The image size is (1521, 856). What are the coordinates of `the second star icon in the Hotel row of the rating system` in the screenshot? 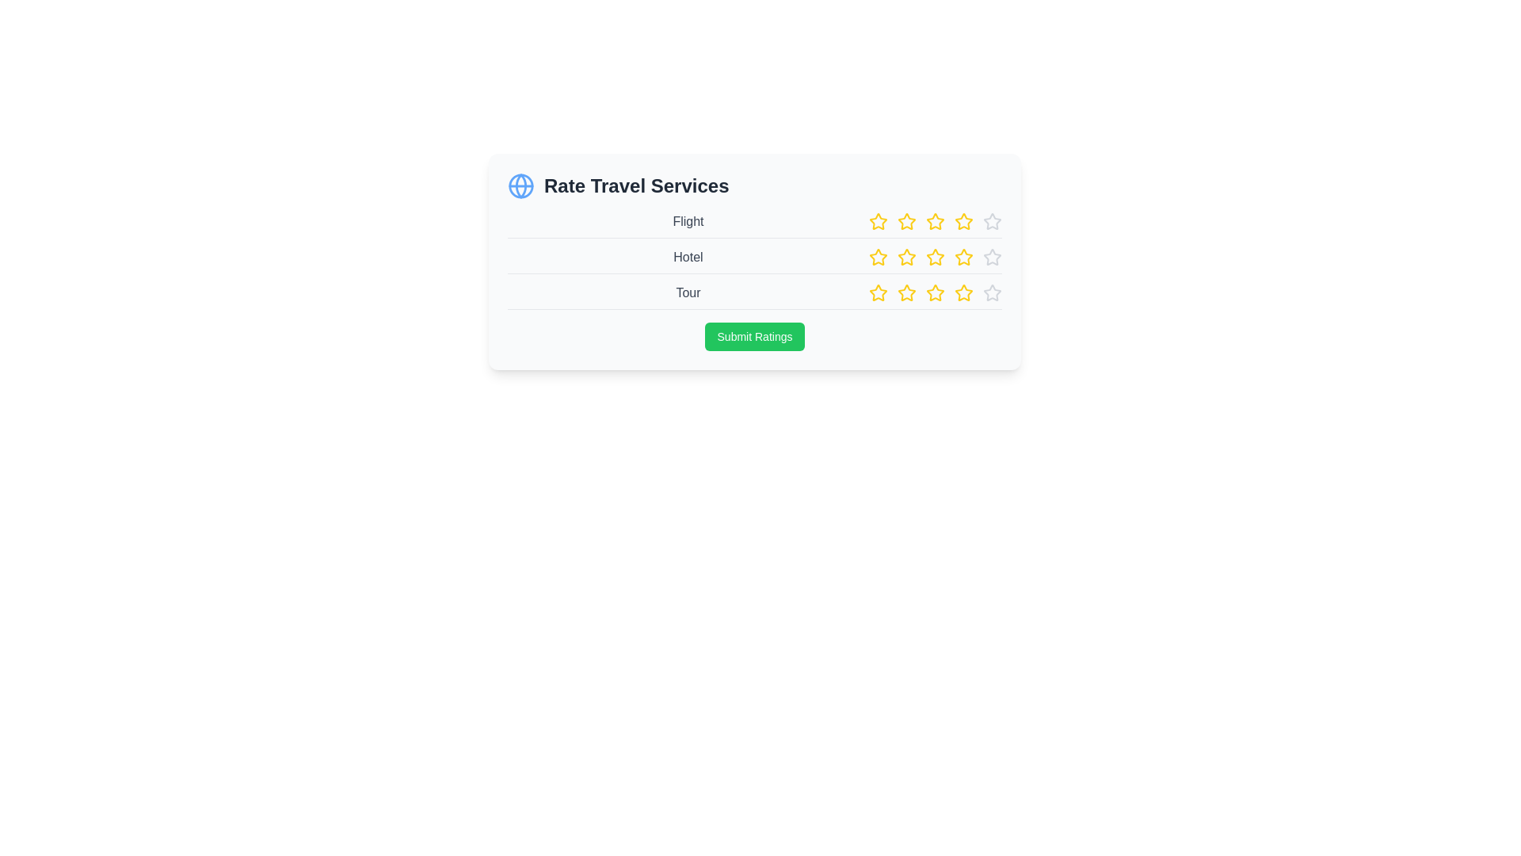 It's located at (907, 256).